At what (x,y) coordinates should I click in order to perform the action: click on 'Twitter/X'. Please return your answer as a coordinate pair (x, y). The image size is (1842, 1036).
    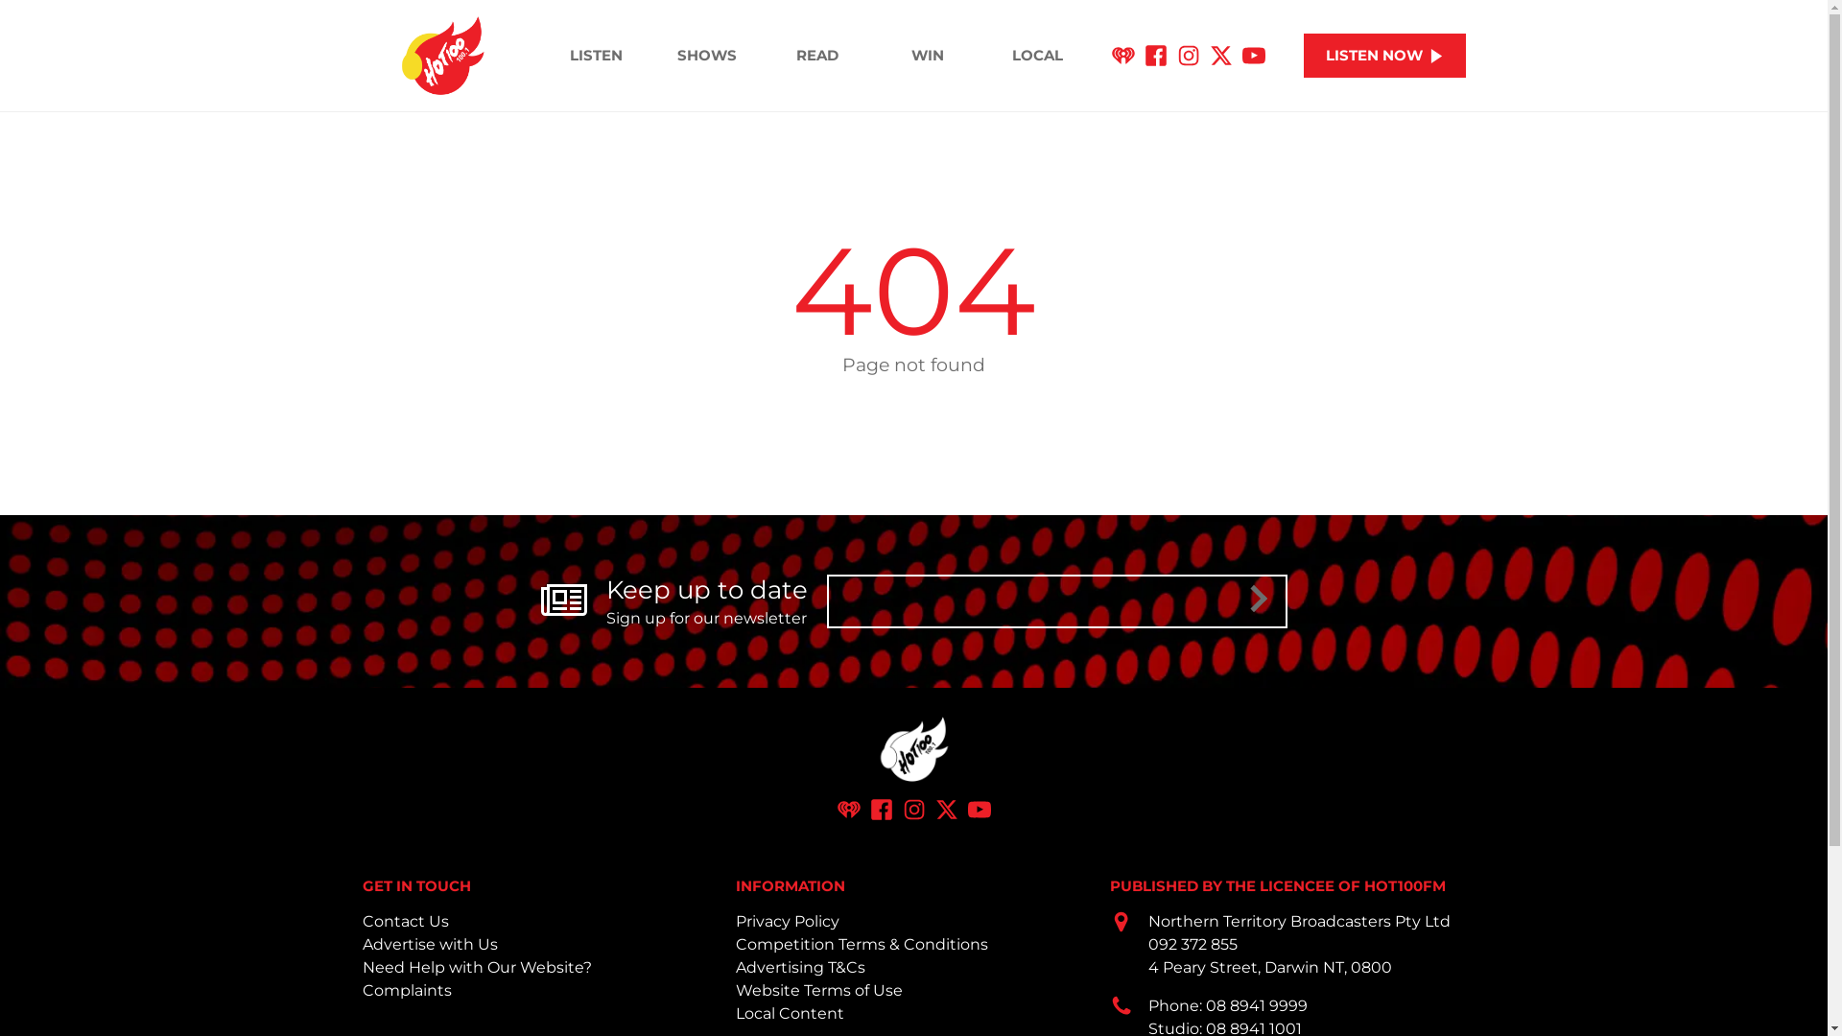
    Looking at the image, I should click on (1219, 55).